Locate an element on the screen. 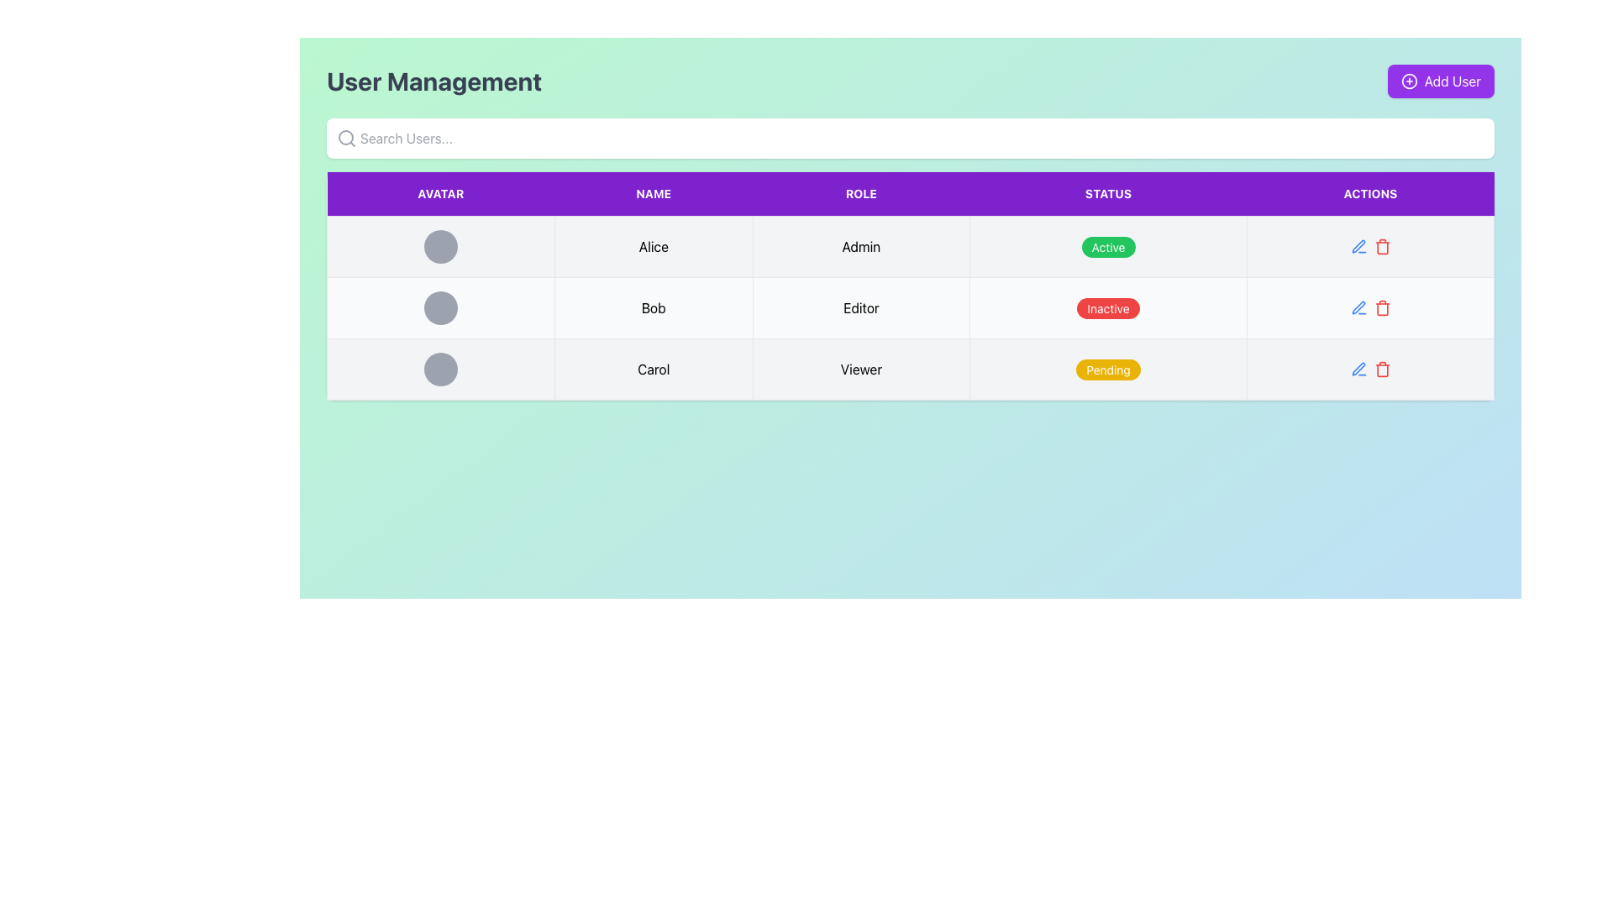 This screenshot has height=907, width=1613. the 'NAME' text box, which is a rectangular element with a purple background and white text is located at coordinates (653, 193).